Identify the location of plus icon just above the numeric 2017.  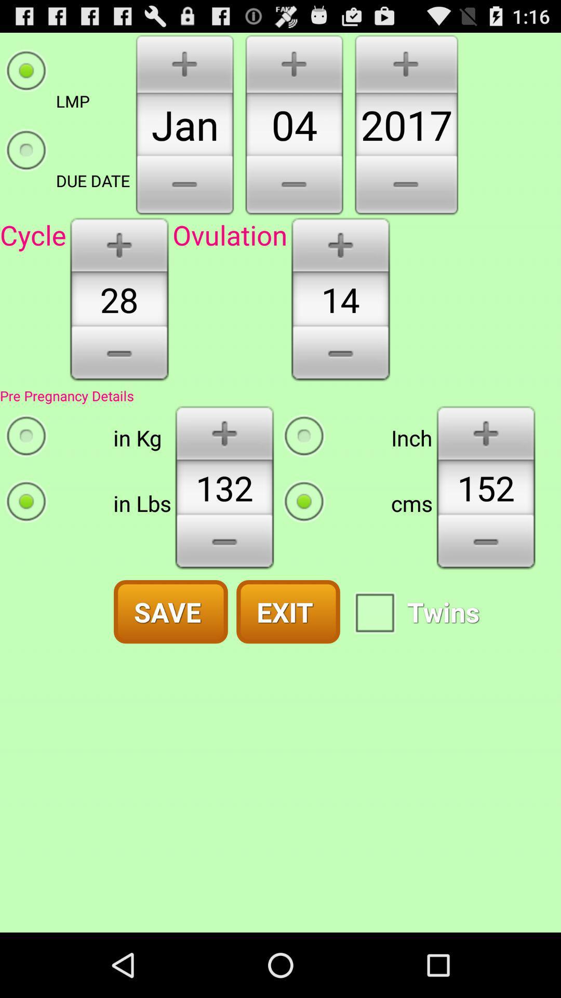
(406, 62).